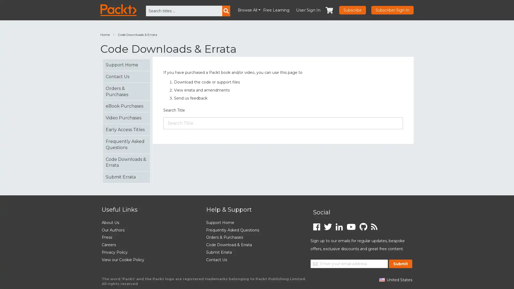  Describe the element at coordinates (392, 10) in the screenshot. I see `Subscriber Sign In` at that location.